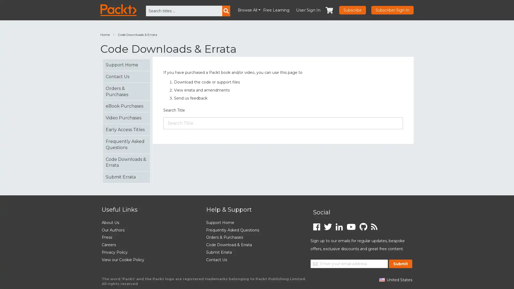  Describe the element at coordinates (392, 10) in the screenshot. I see `Subscriber Sign In` at that location.